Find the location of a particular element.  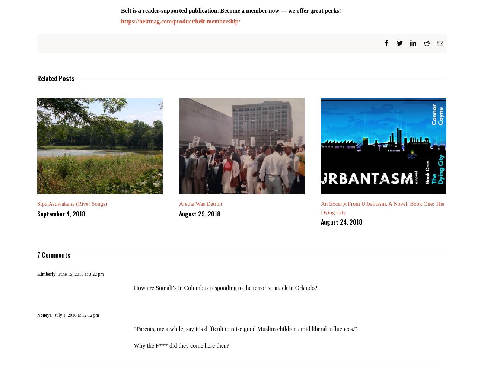

'Kimberly' is located at coordinates (46, 279).